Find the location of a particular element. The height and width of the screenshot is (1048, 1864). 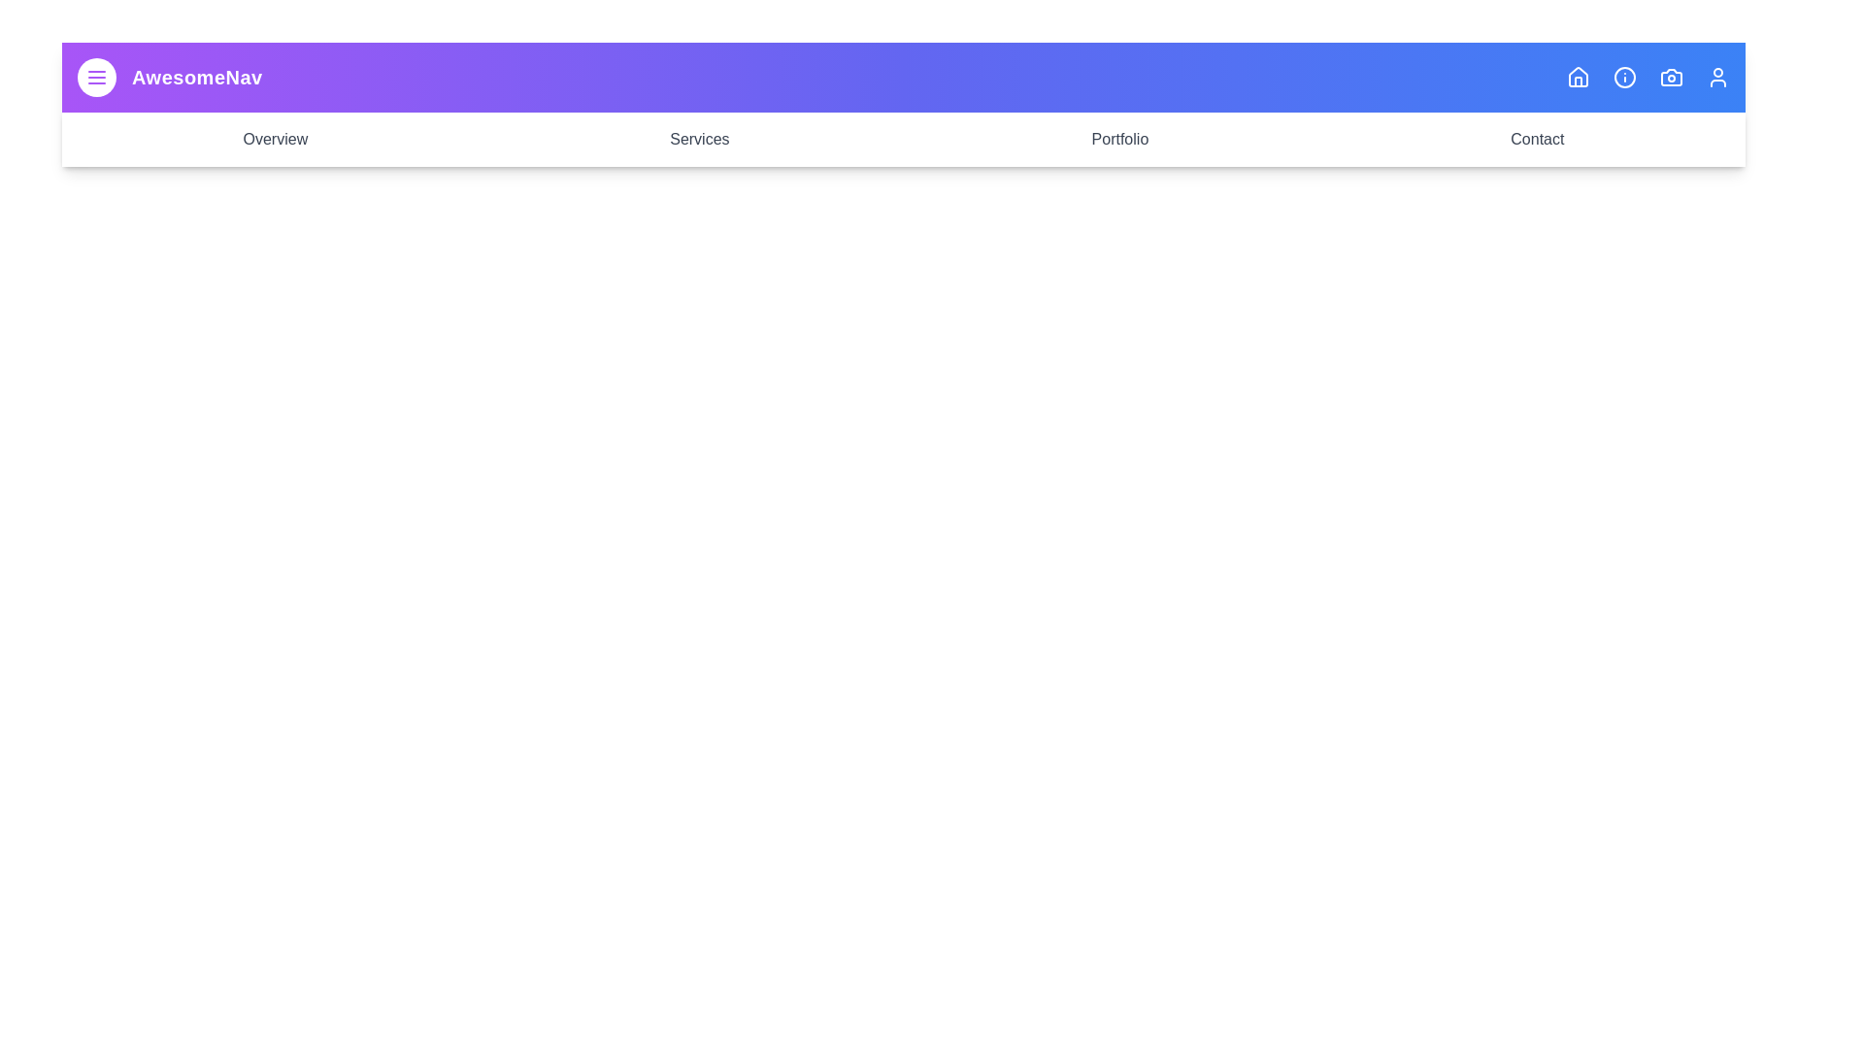

the navigation link labeled Contact to navigate to the respective section is located at coordinates (1536, 138).